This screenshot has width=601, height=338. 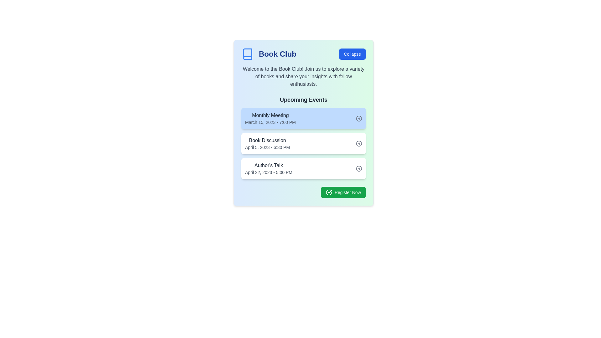 I want to click on title of the event labeled 'Monthly Meeting', which is the first title in the upcoming events section, positioned above the date and time details, so click(x=270, y=115).